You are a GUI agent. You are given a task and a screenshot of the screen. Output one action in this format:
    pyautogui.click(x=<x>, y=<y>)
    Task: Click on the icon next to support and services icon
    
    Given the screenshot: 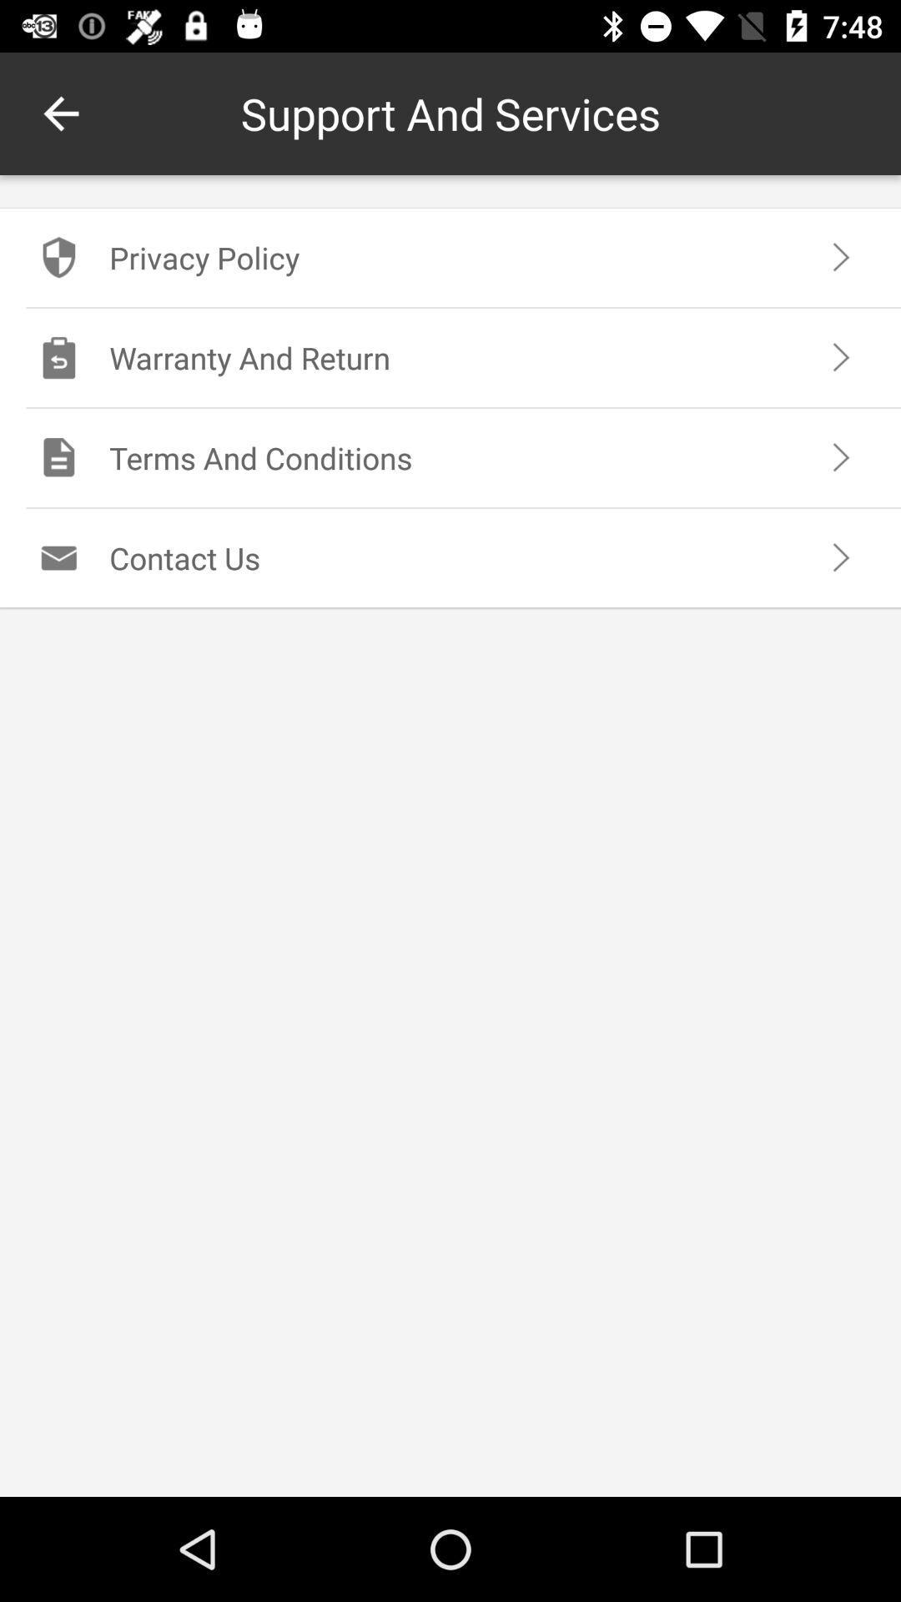 What is the action you would take?
    pyautogui.click(x=60, y=113)
    